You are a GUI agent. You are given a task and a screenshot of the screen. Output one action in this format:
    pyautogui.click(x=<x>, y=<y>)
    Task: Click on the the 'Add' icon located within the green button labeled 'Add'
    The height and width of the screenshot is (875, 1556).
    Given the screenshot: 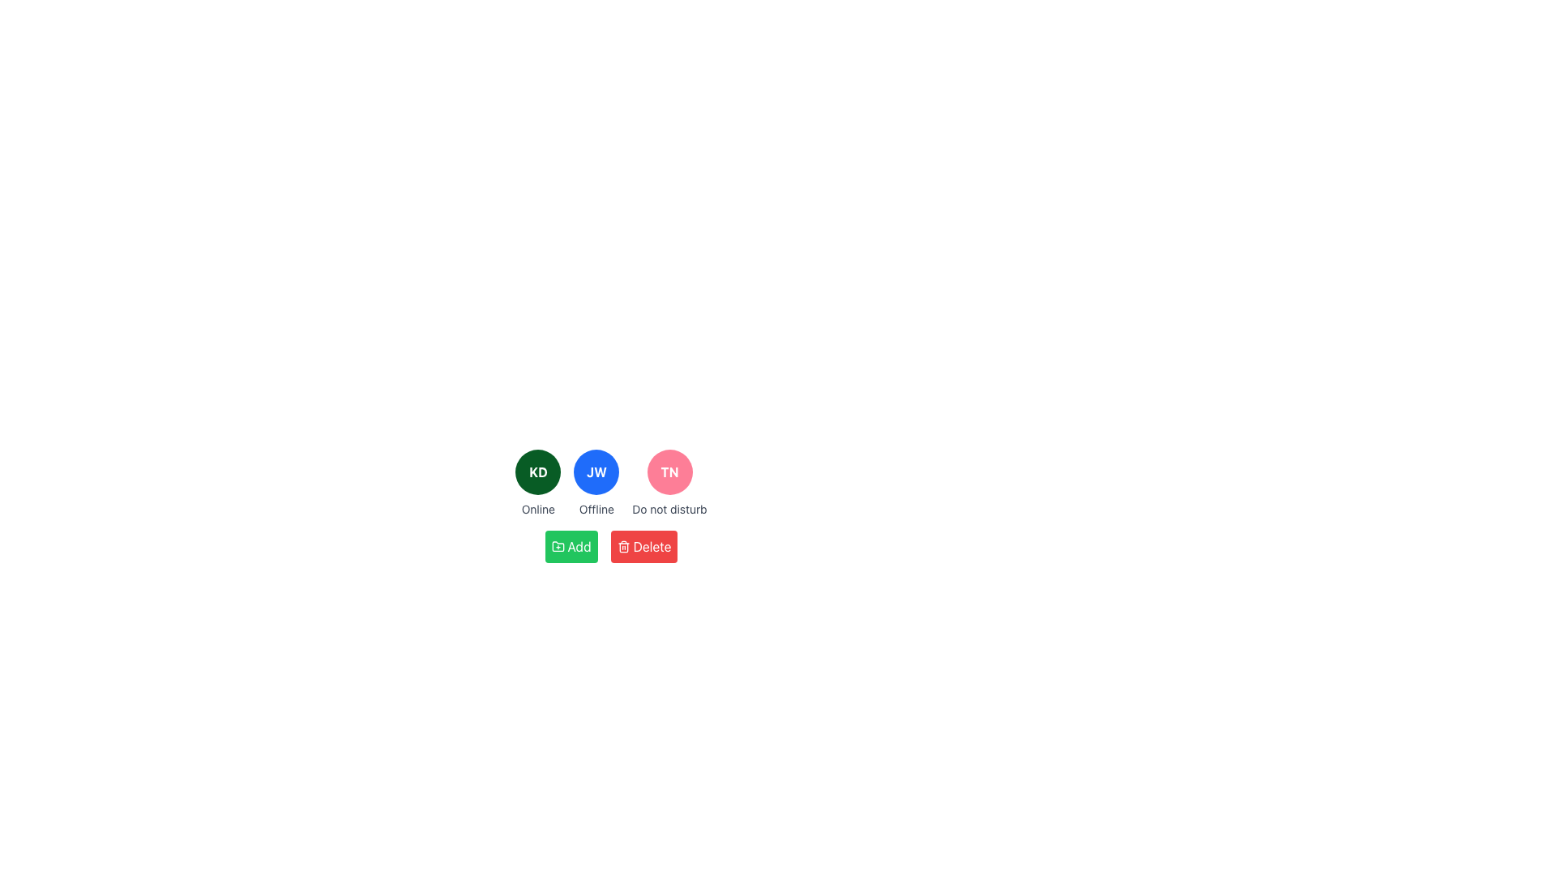 What is the action you would take?
    pyautogui.click(x=558, y=547)
    